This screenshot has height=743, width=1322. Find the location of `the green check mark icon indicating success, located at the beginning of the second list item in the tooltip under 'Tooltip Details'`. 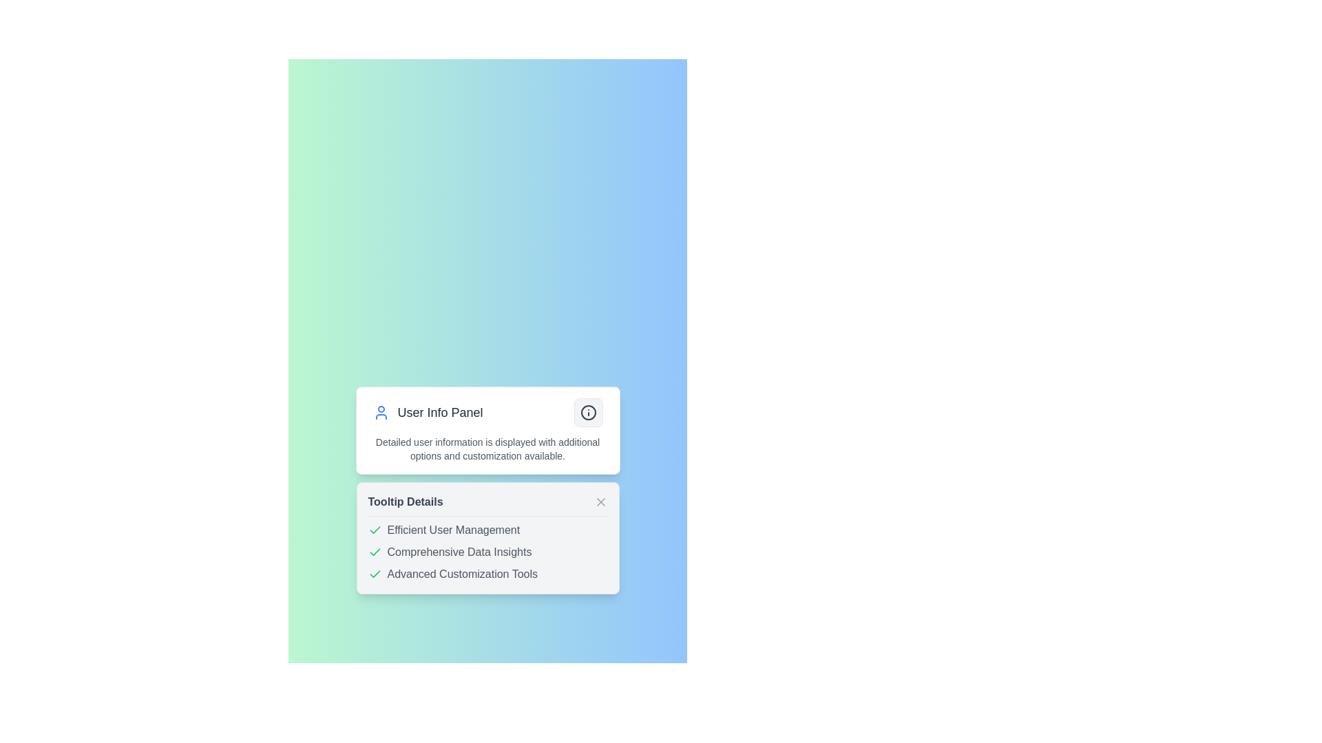

the green check mark icon indicating success, located at the beginning of the second list item in the tooltip under 'Tooltip Details' is located at coordinates (375, 574).